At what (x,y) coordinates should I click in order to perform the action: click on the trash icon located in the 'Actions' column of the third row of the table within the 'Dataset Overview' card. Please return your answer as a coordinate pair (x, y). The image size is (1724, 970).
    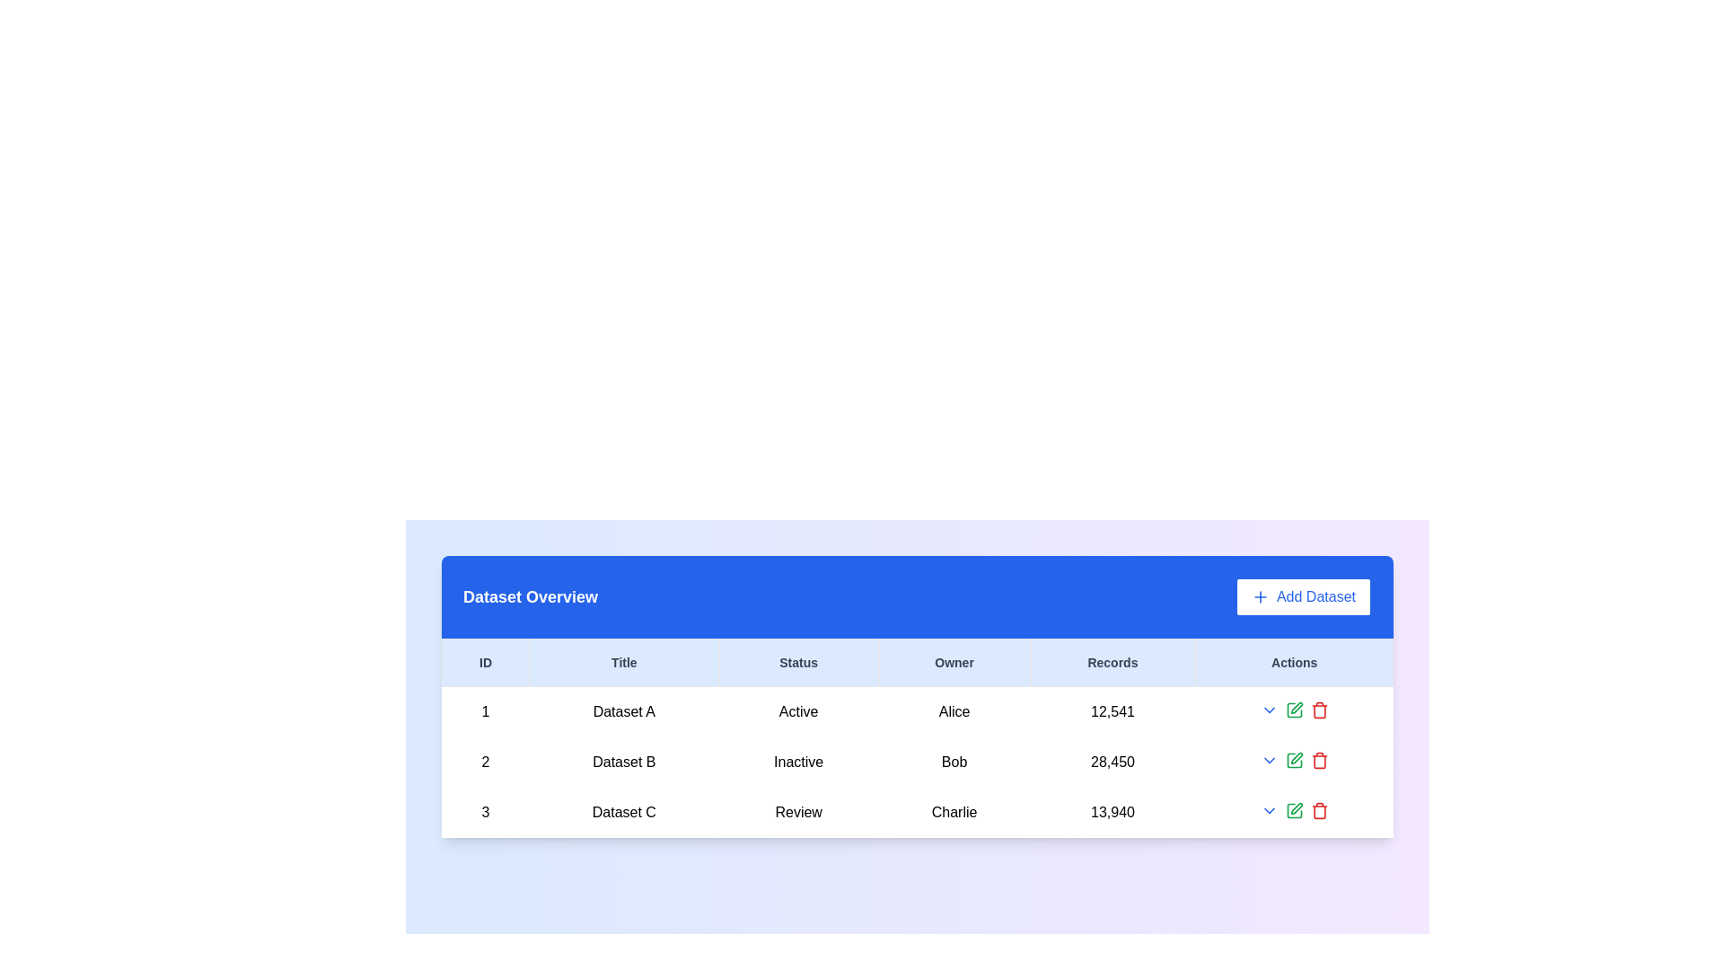
    Looking at the image, I should click on (1319, 710).